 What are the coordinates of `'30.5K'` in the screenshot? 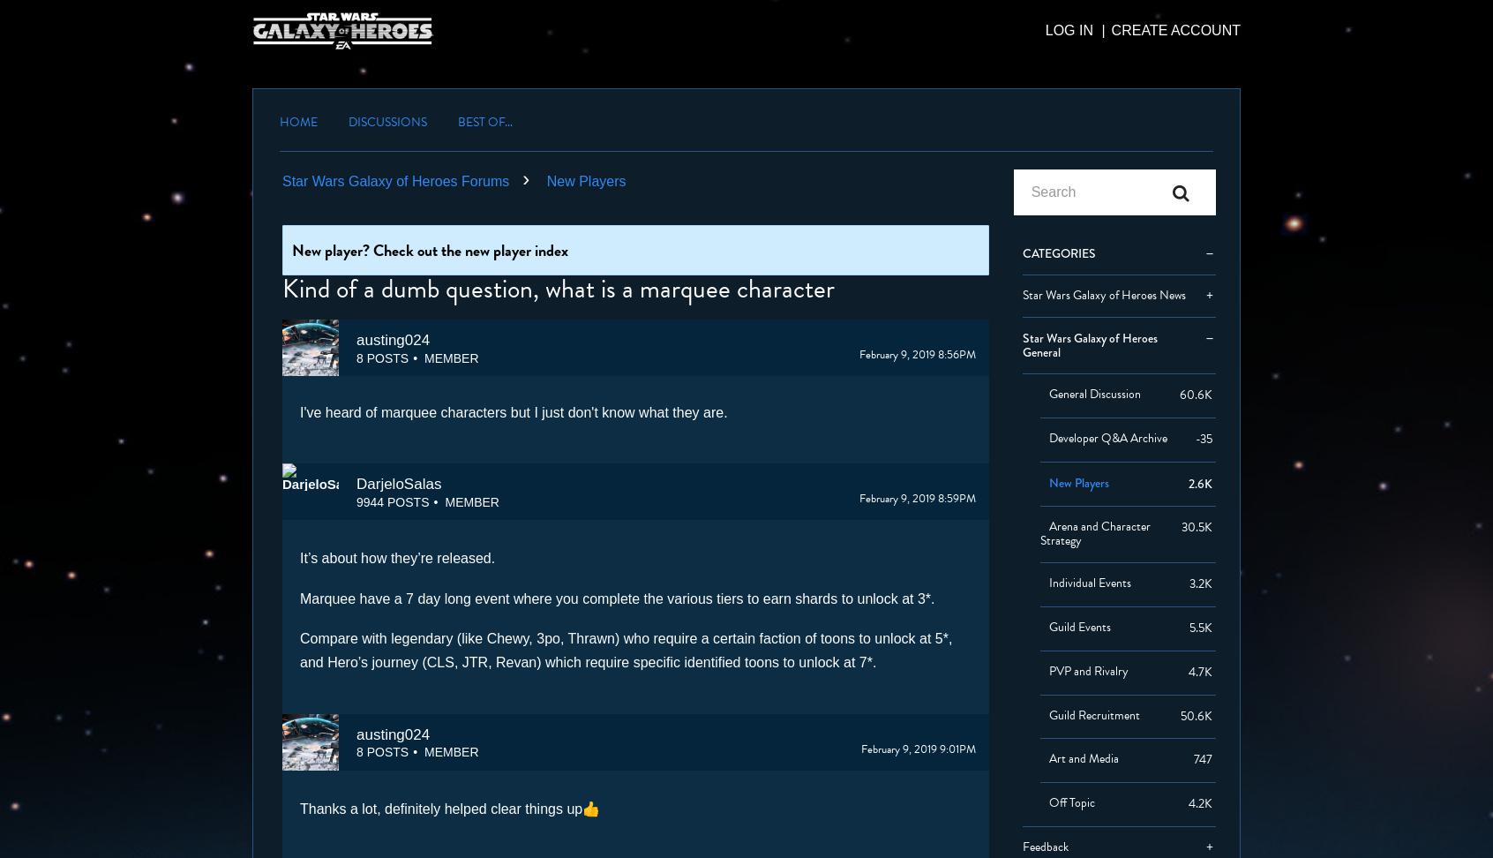 It's located at (1196, 525).